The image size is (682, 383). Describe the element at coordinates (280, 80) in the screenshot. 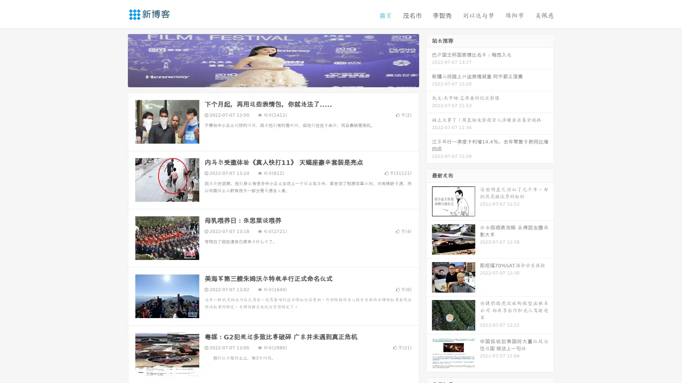

I see `Go to slide 3` at that location.